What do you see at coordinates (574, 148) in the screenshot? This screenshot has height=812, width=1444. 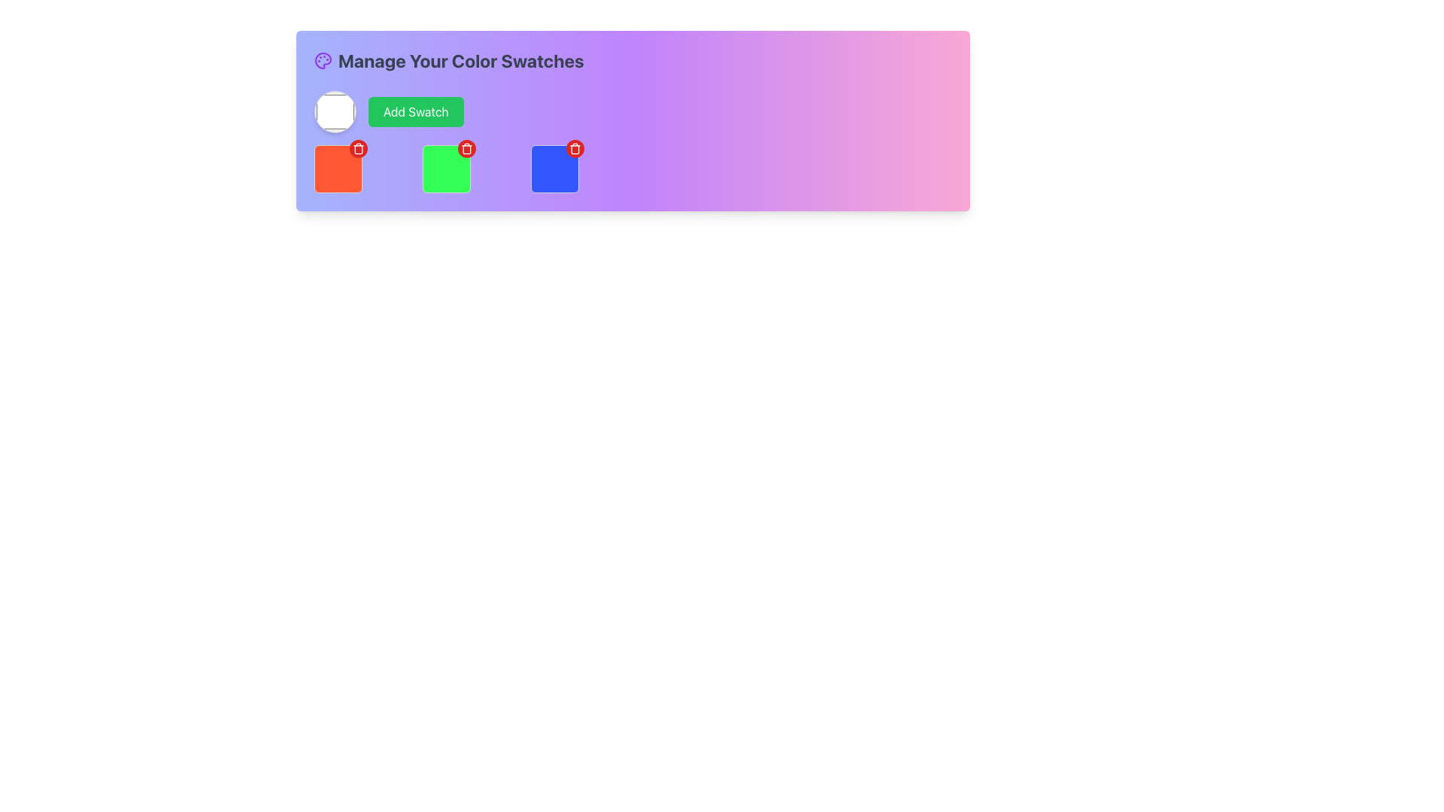 I see `the Delete button icon, which resembles a trash bin on a red circular background located at the top-right corner of the blue swatch` at bounding box center [574, 148].